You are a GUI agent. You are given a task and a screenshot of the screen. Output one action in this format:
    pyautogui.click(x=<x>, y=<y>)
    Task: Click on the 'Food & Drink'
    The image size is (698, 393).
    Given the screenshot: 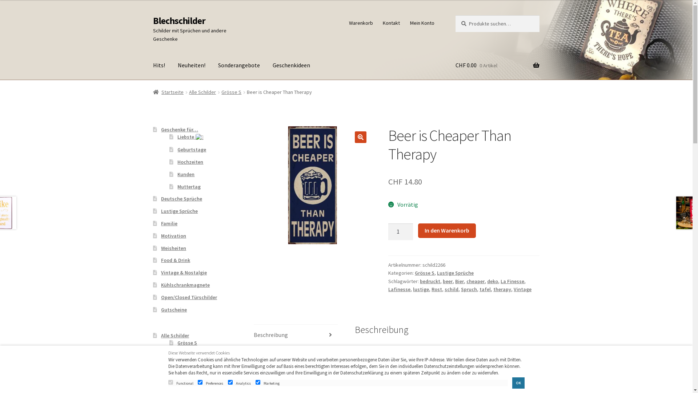 What is the action you would take?
    pyautogui.click(x=176, y=259)
    